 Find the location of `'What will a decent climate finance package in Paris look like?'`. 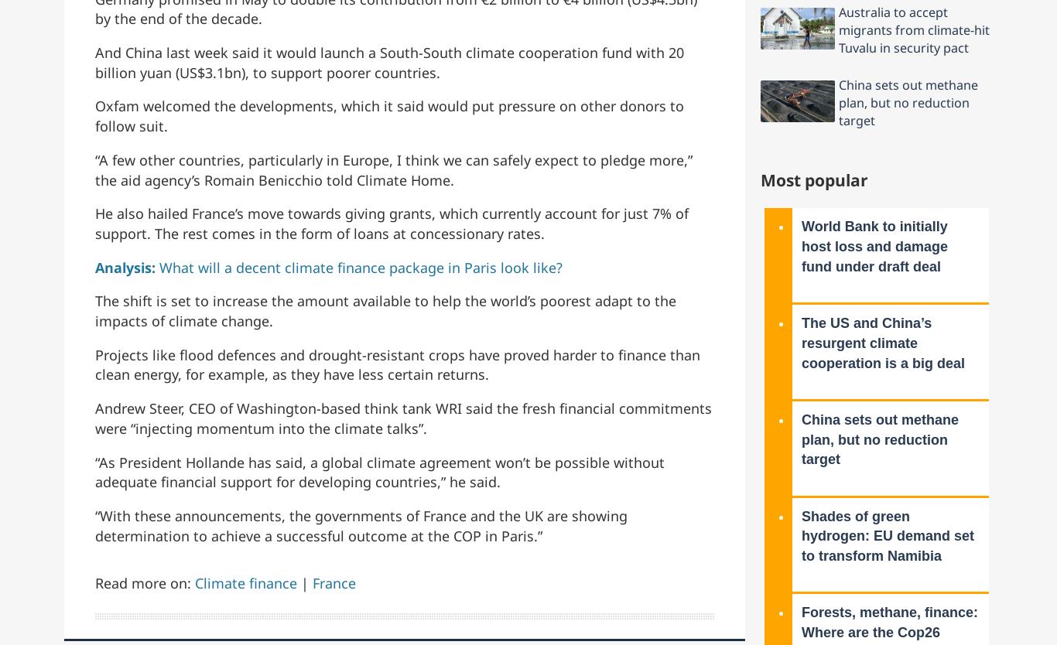

'What will a decent climate finance package in Paris look like?' is located at coordinates (359, 267).